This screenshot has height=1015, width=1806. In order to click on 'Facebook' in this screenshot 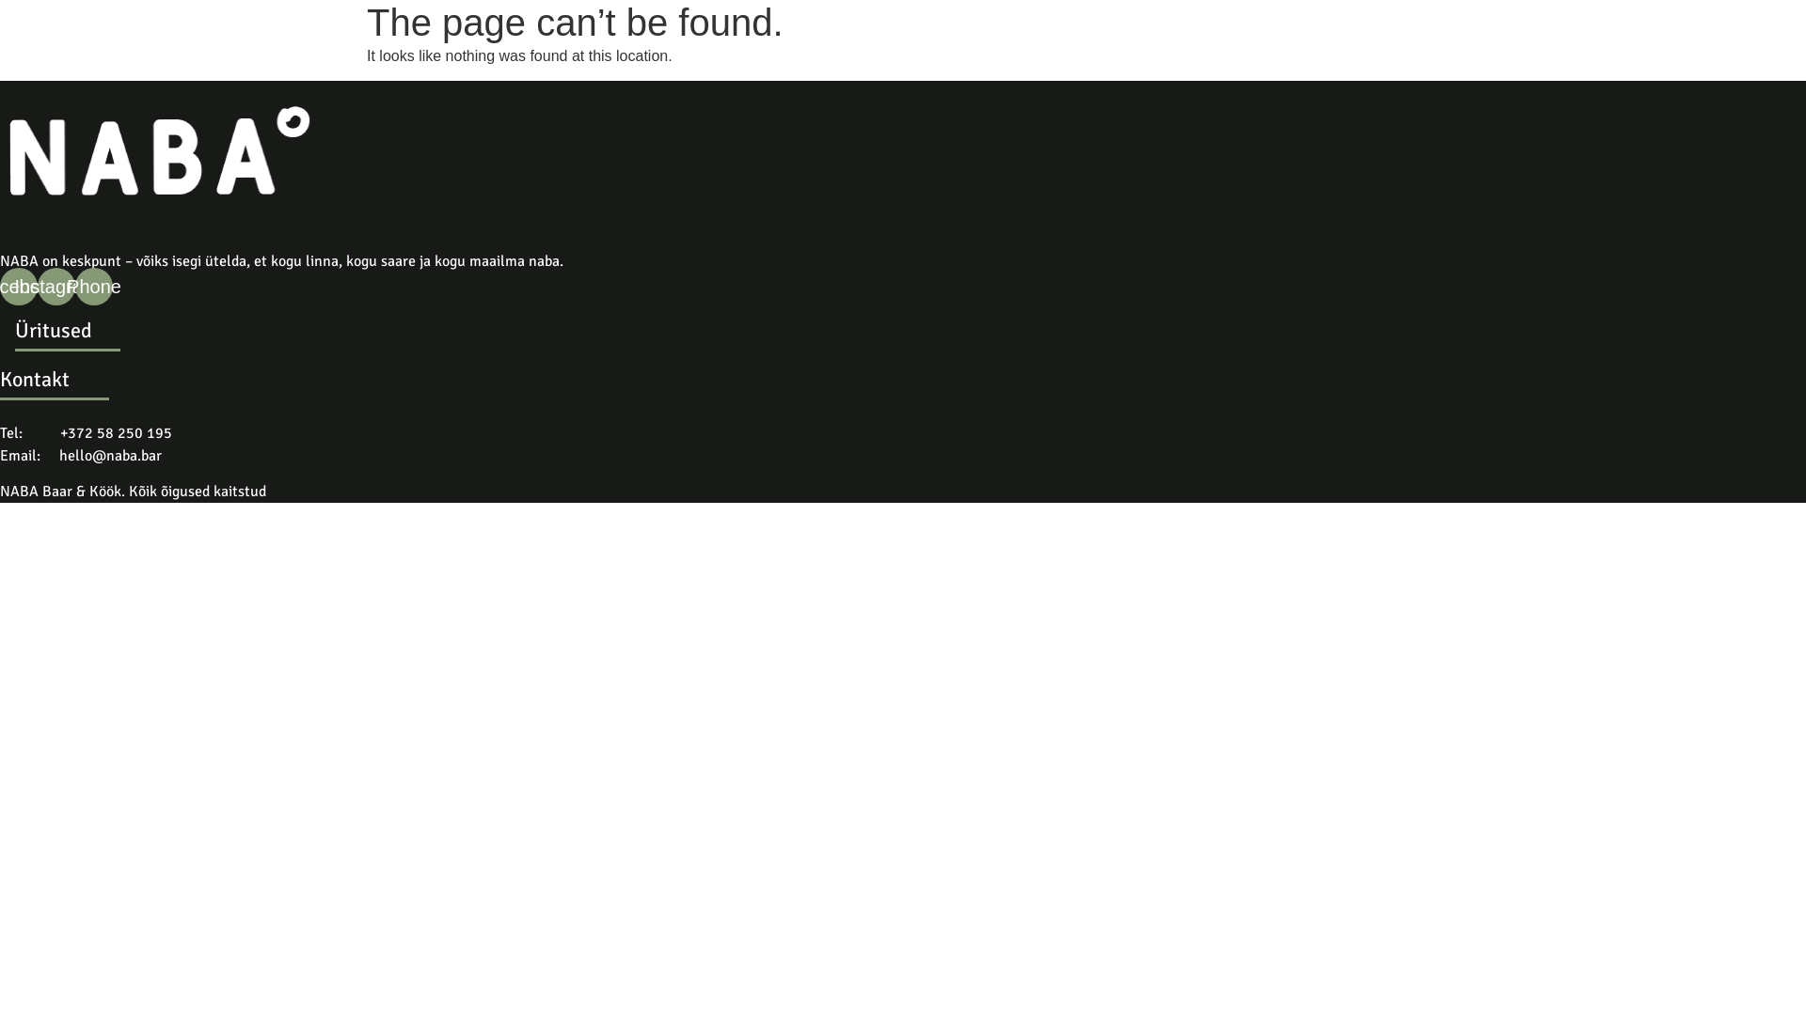, I will do `click(18, 286)`.